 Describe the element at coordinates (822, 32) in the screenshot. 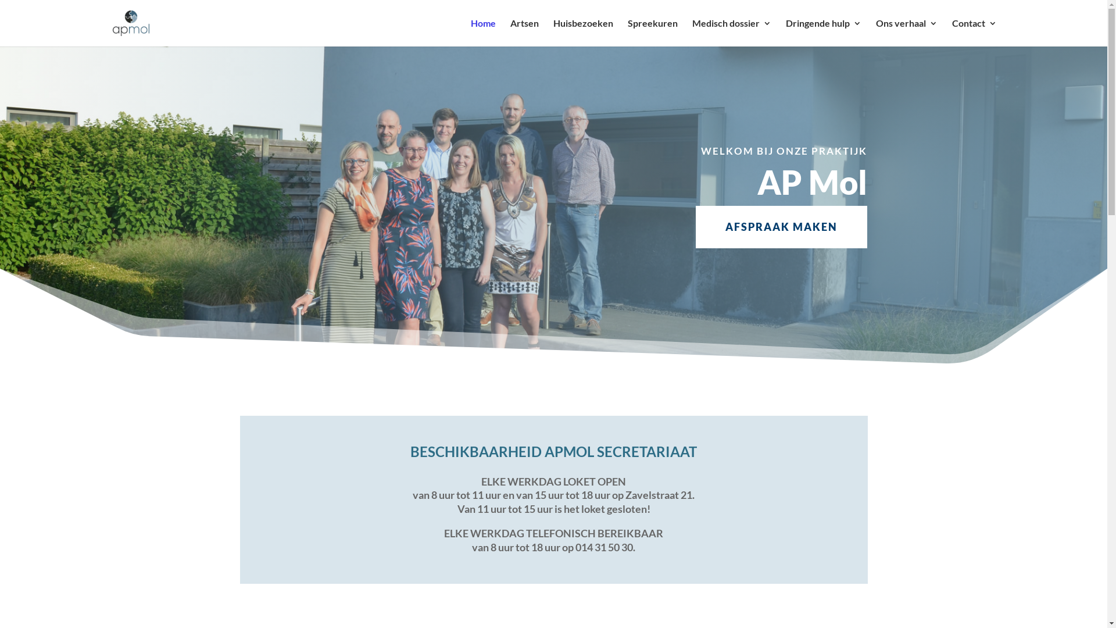

I see `'Dringende hulp'` at that location.